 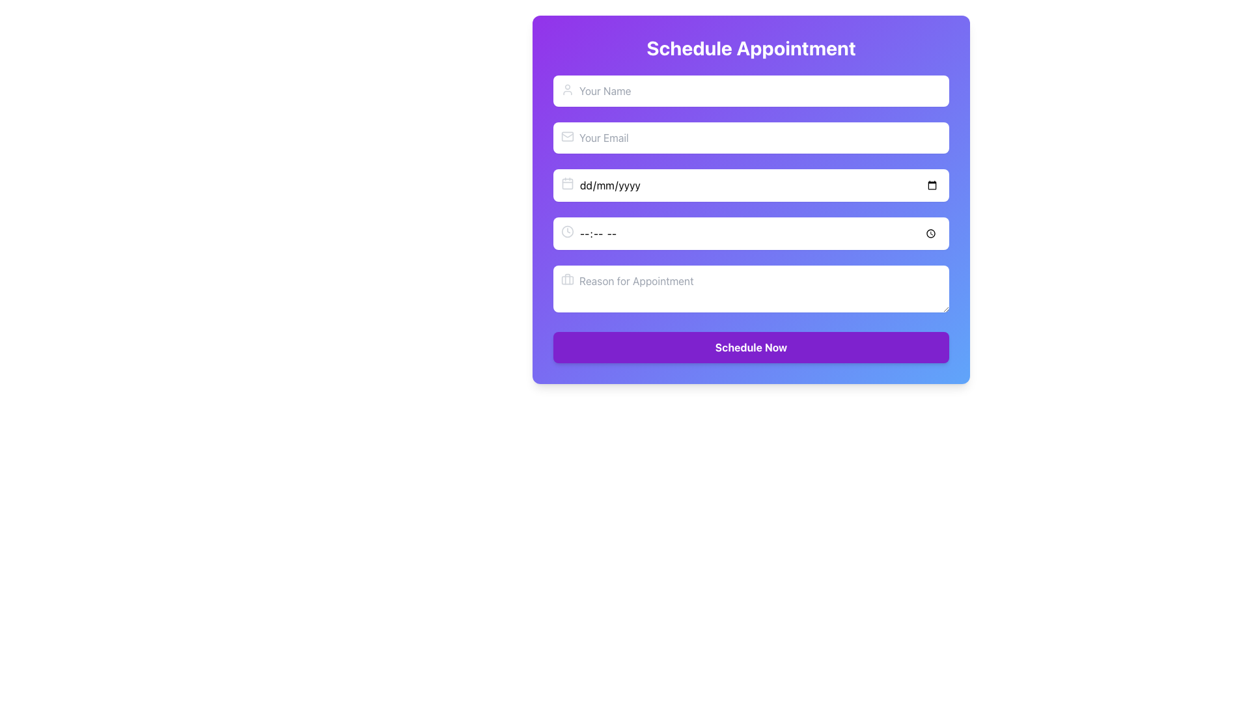 I want to click on the time input field, which is the fourth element in the form, located below the date input with the placeholder 'dd/mm/yyyy', so click(x=751, y=232).